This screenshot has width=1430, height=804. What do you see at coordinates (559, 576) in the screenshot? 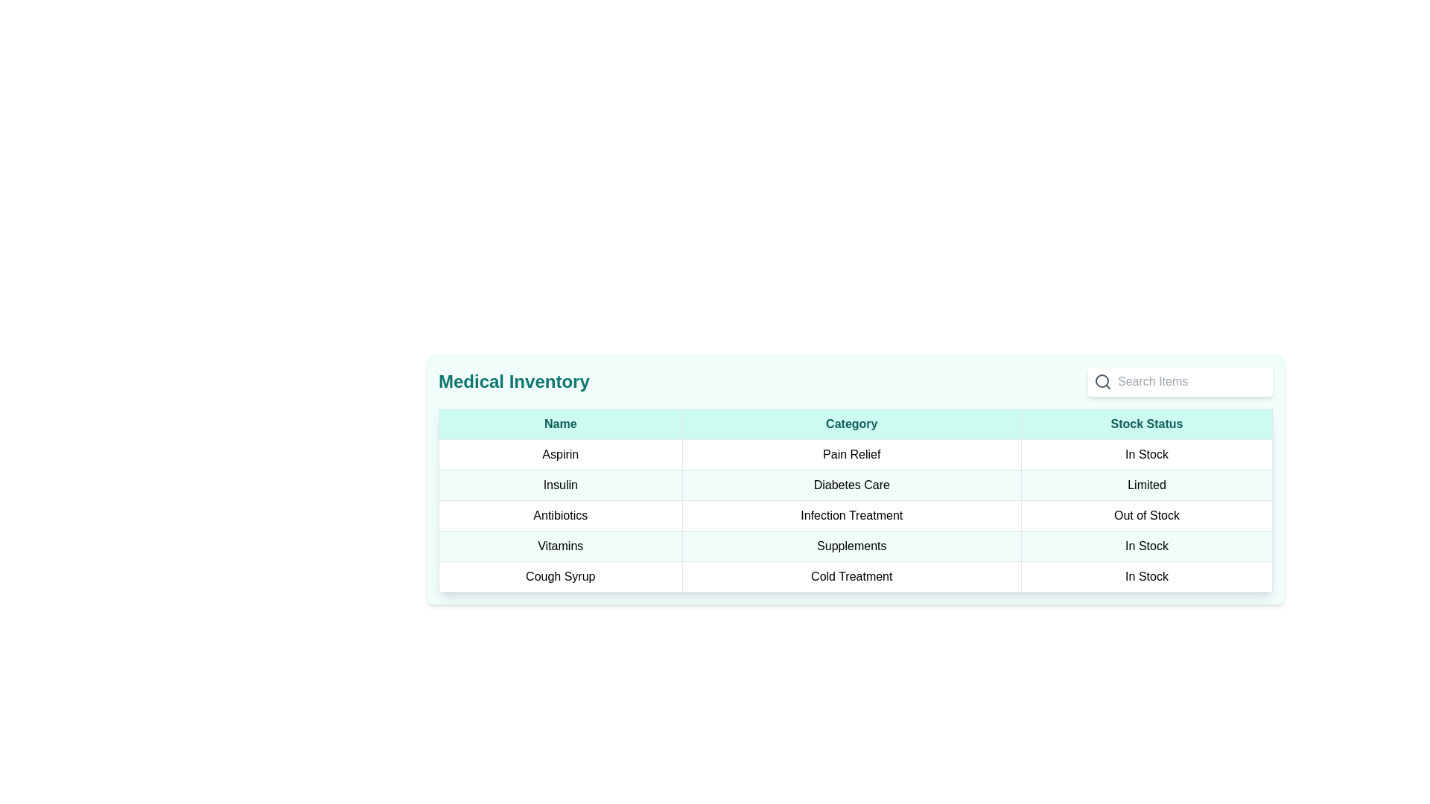
I see `the label containing the text 'Cough Syrup' which is located in the first column of the last row in a table-like grid structure, adjacent to 'Cold Treatment' in the 'Category' column` at bounding box center [559, 576].